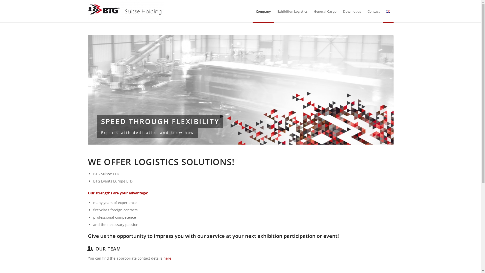 Image resolution: width=485 pixels, height=273 pixels. What do you see at coordinates (310, 11) in the screenshot?
I see `'General Cargo'` at bounding box center [310, 11].